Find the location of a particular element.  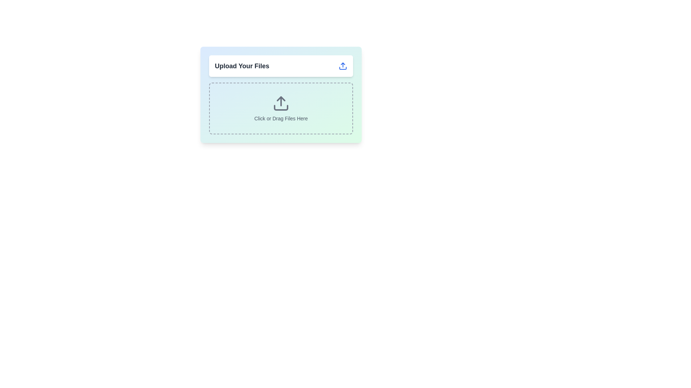

the upload icon located at the center of the 'Click or Drag Files Here' area in the upload panel is located at coordinates (281, 103).